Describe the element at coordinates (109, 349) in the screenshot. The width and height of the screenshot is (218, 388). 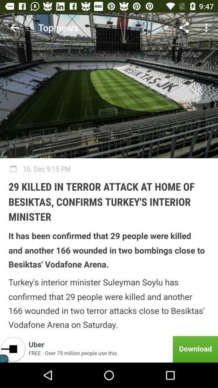
I see `item below the turkey s interior icon` at that location.